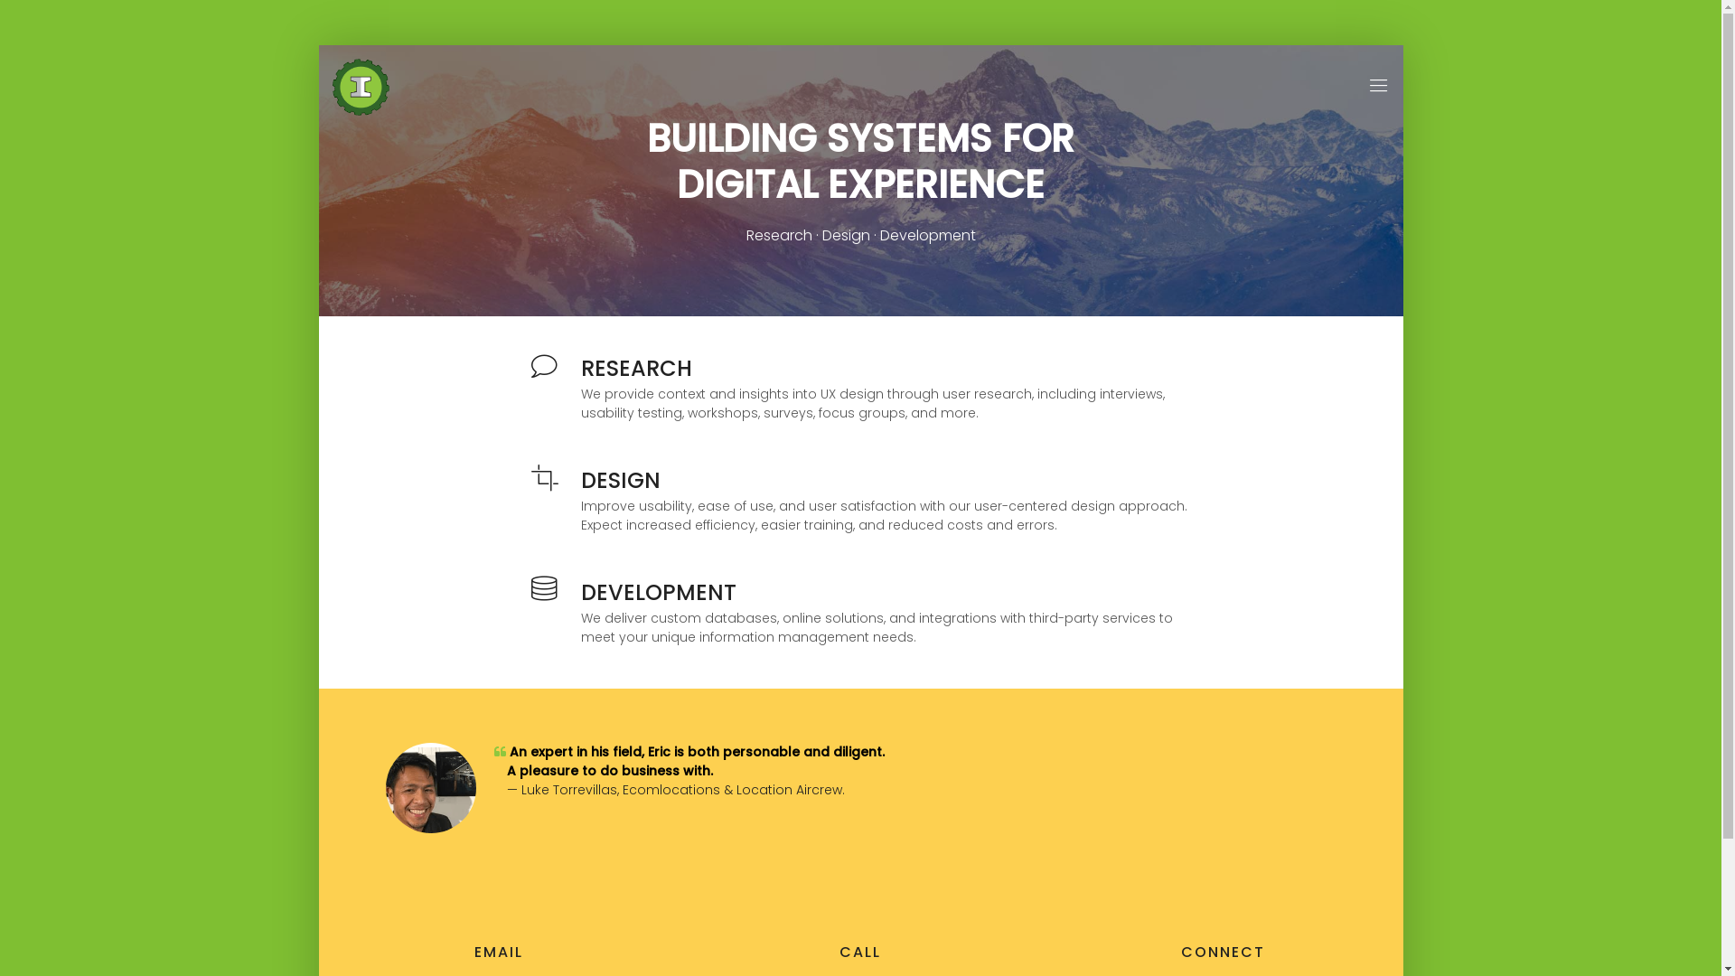  I want to click on 'TESTIMONIALS', so click(1305, 97).